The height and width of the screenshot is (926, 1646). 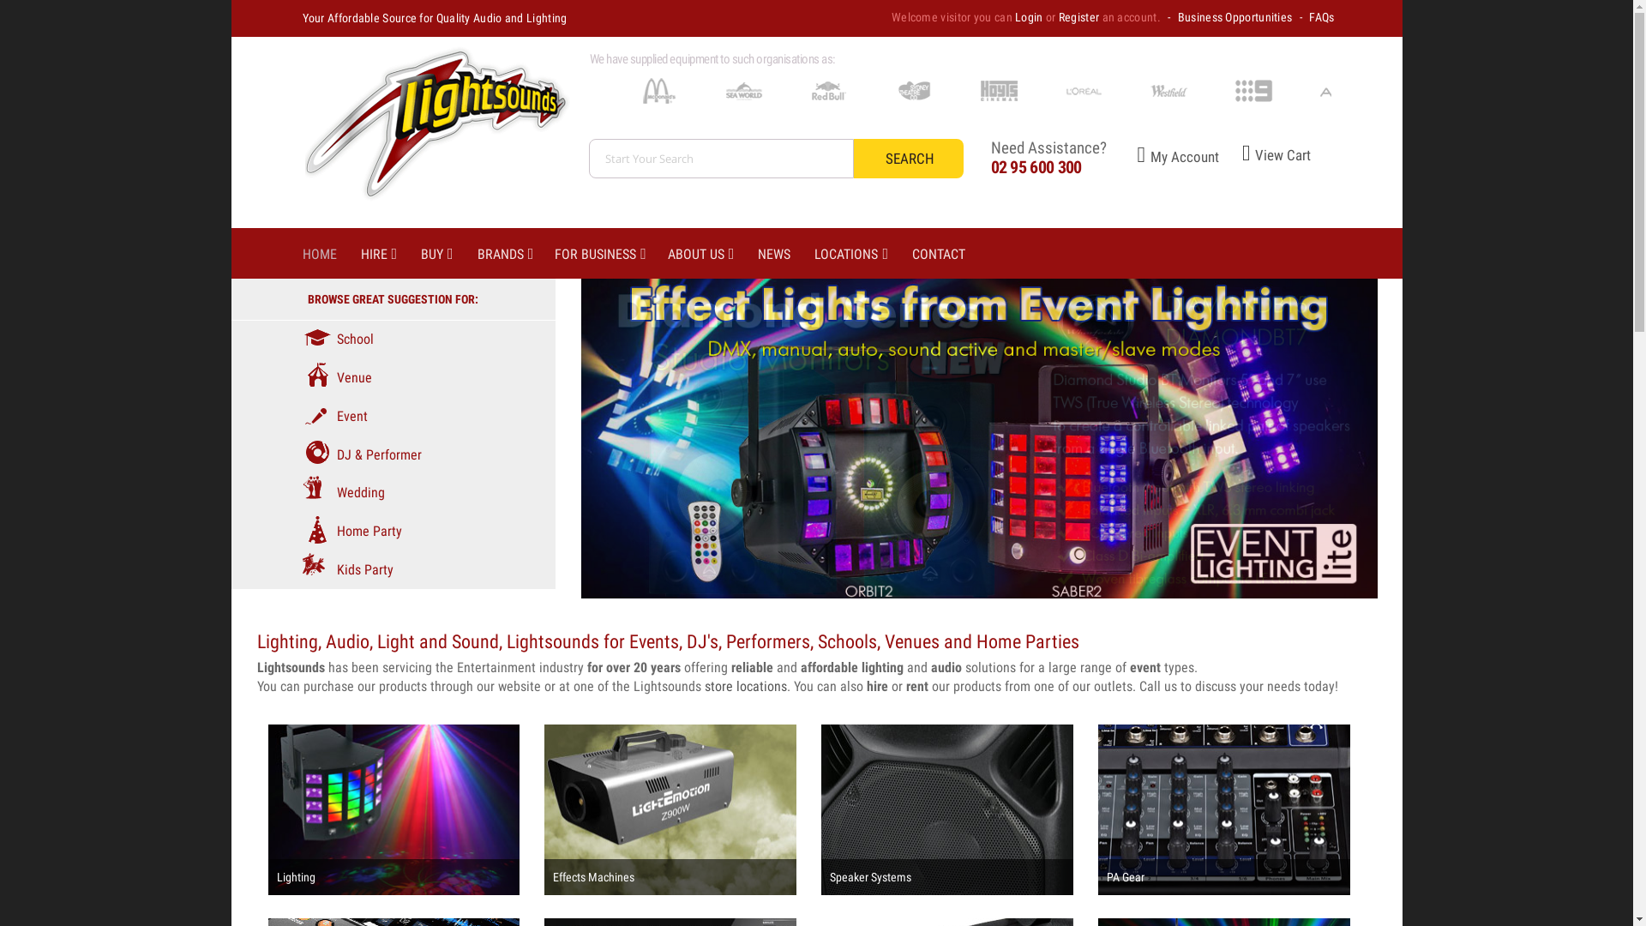 What do you see at coordinates (448, 255) in the screenshot?
I see `'BUY'` at bounding box center [448, 255].